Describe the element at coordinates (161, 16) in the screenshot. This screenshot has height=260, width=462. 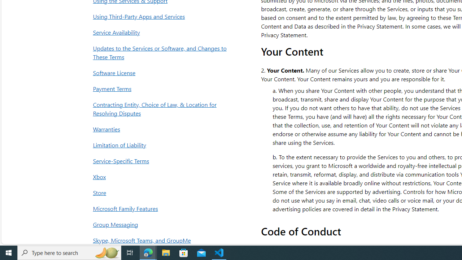
I see `'Using Third-Party Apps and Services'` at that location.